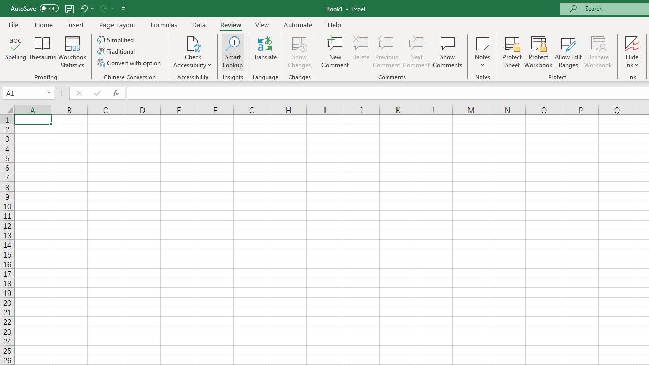  I want to click on 'Spelling...', so click(16, 52).